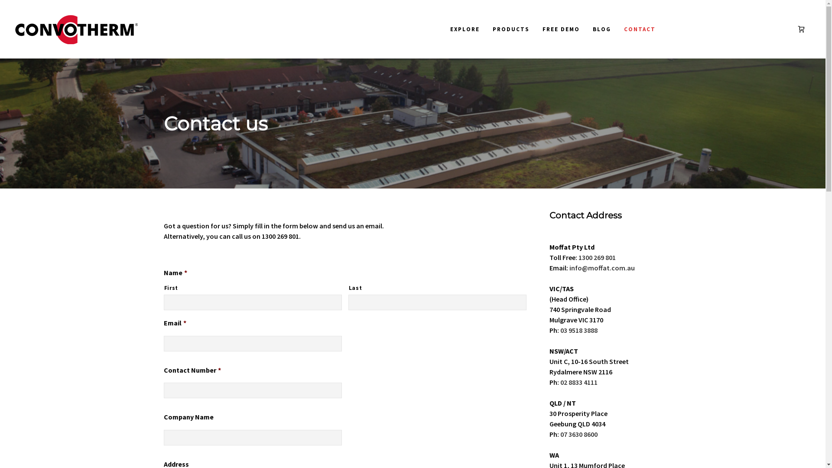 The image size is (832, 468). I want to click on 'PRODUCTS', so click(486, 29).